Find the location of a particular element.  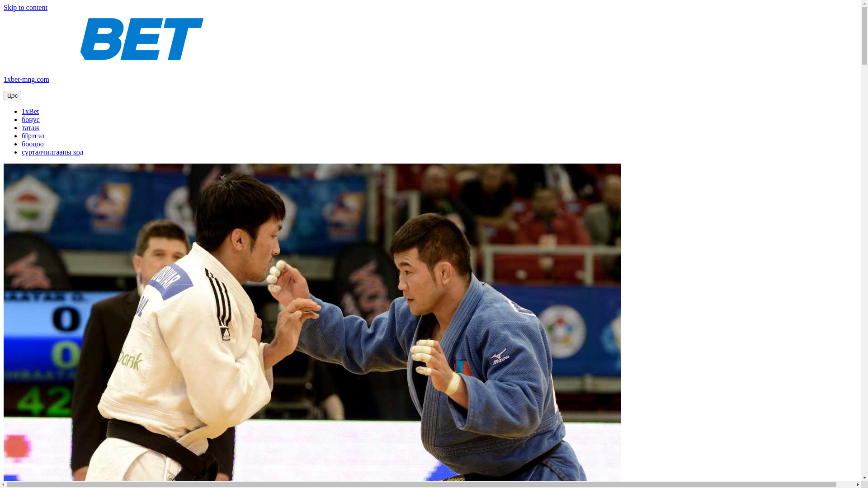

'1xBet' is located at coordinates (30, 111).